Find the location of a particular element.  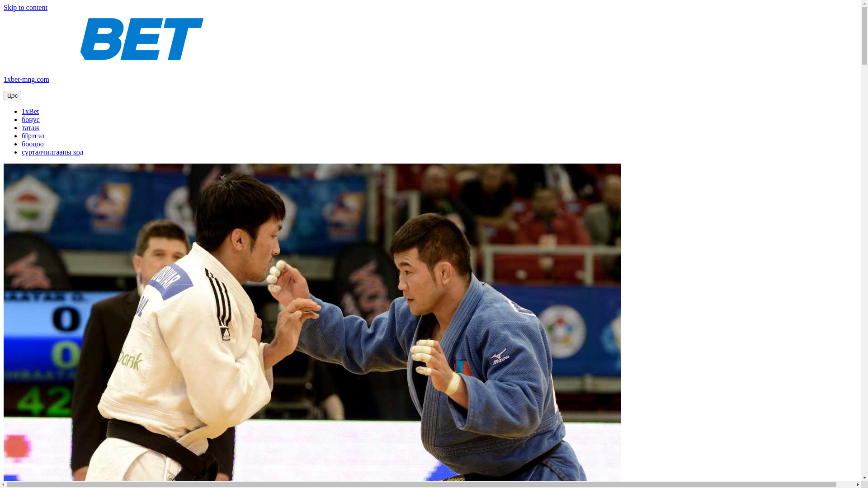

'1xBet' is located at coordinates (30, 111).